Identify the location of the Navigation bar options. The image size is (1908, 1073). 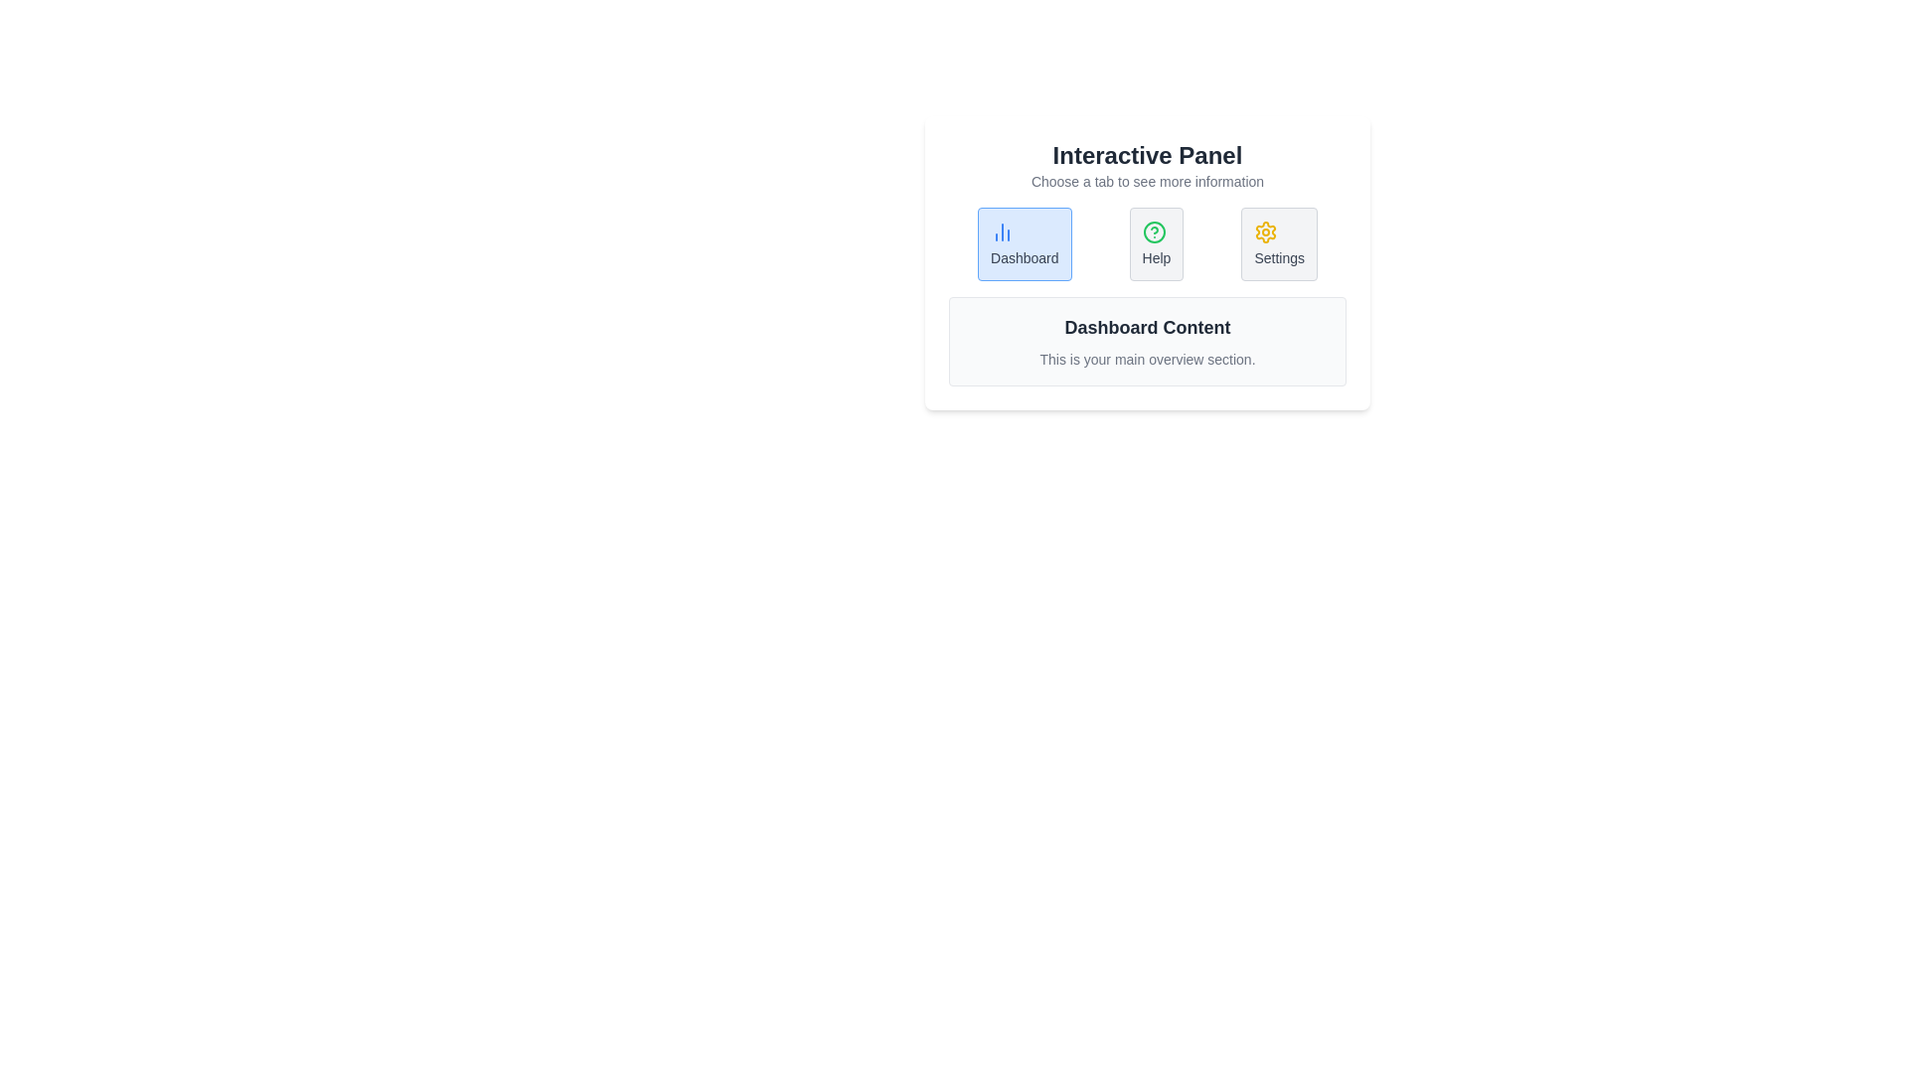
(1148, 243).